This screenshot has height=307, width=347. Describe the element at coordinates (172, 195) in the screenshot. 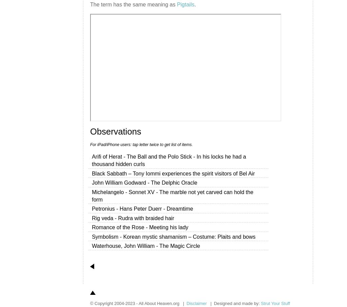

I see `'Michelangelo - Sonnet XV - The marble not yet carved can hold the form'` at that location.